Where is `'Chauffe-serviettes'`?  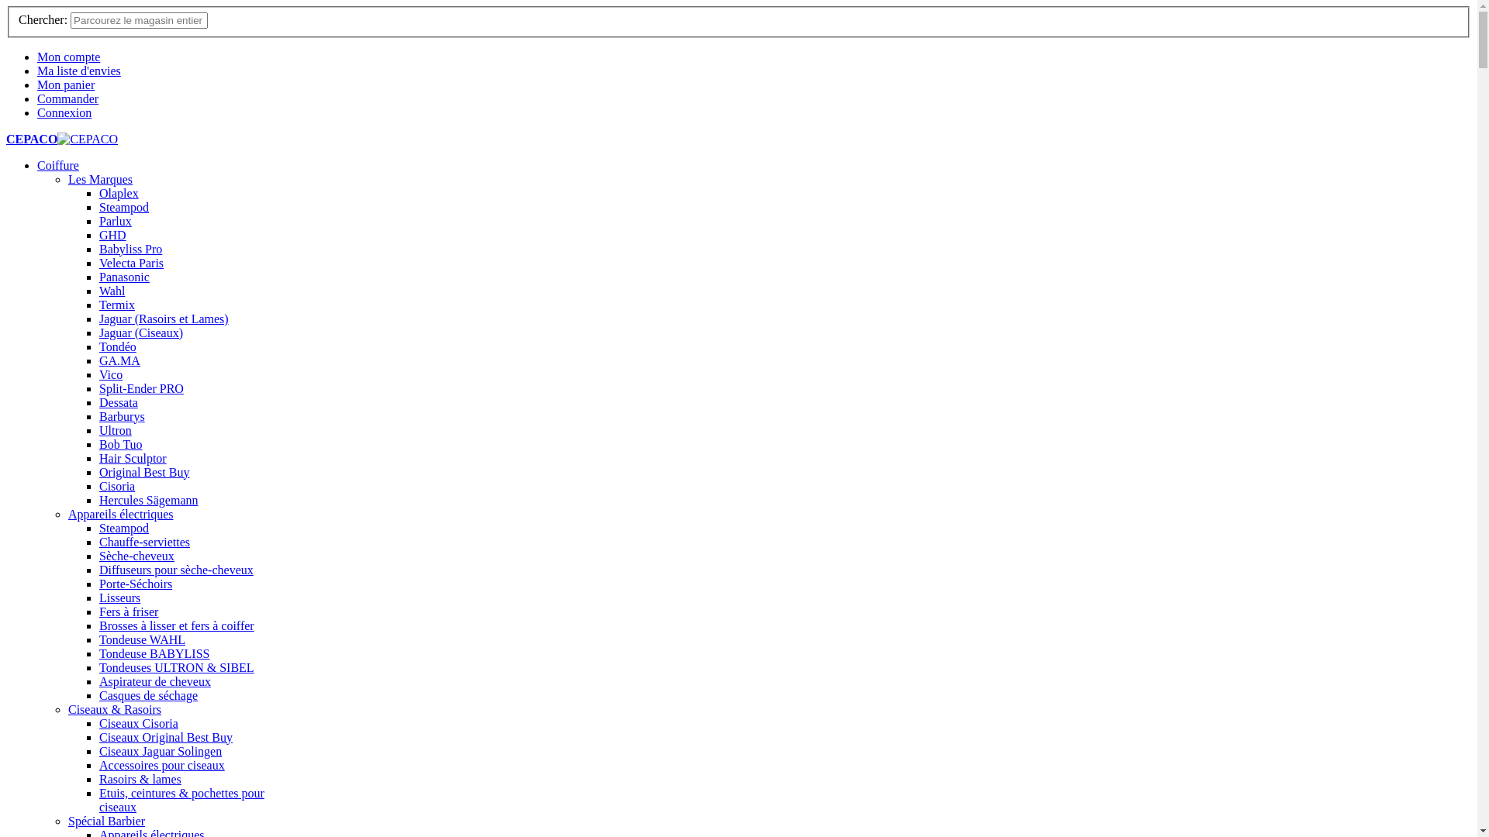
'Chauffe-serviettes' is located at coordinates (144, 541).